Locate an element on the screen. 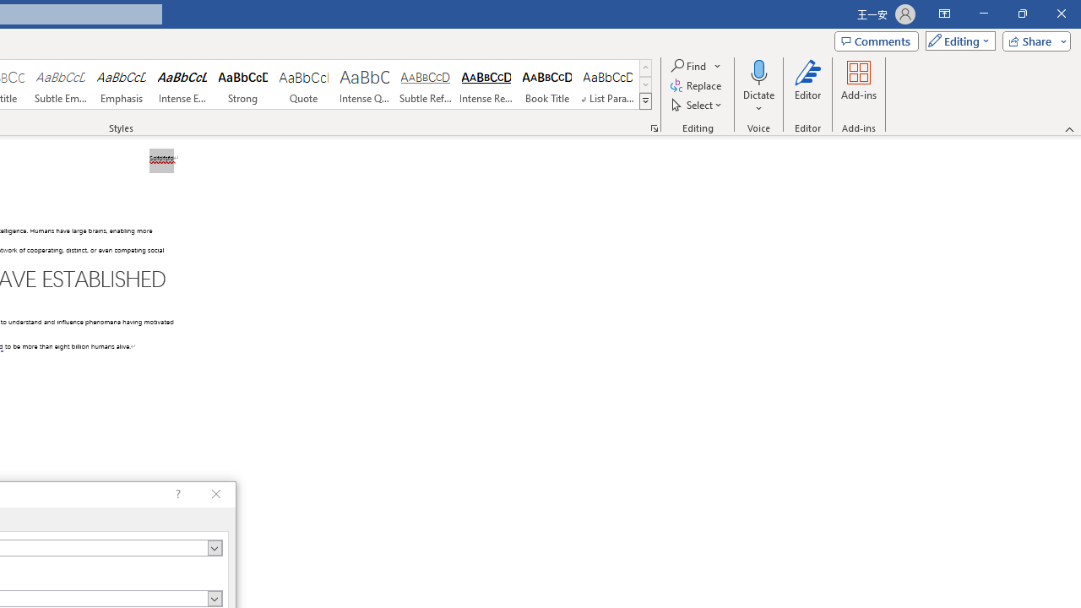 This screenshot has width=1081, height=608. 'Book Title' is located at coordinates (546, 84).